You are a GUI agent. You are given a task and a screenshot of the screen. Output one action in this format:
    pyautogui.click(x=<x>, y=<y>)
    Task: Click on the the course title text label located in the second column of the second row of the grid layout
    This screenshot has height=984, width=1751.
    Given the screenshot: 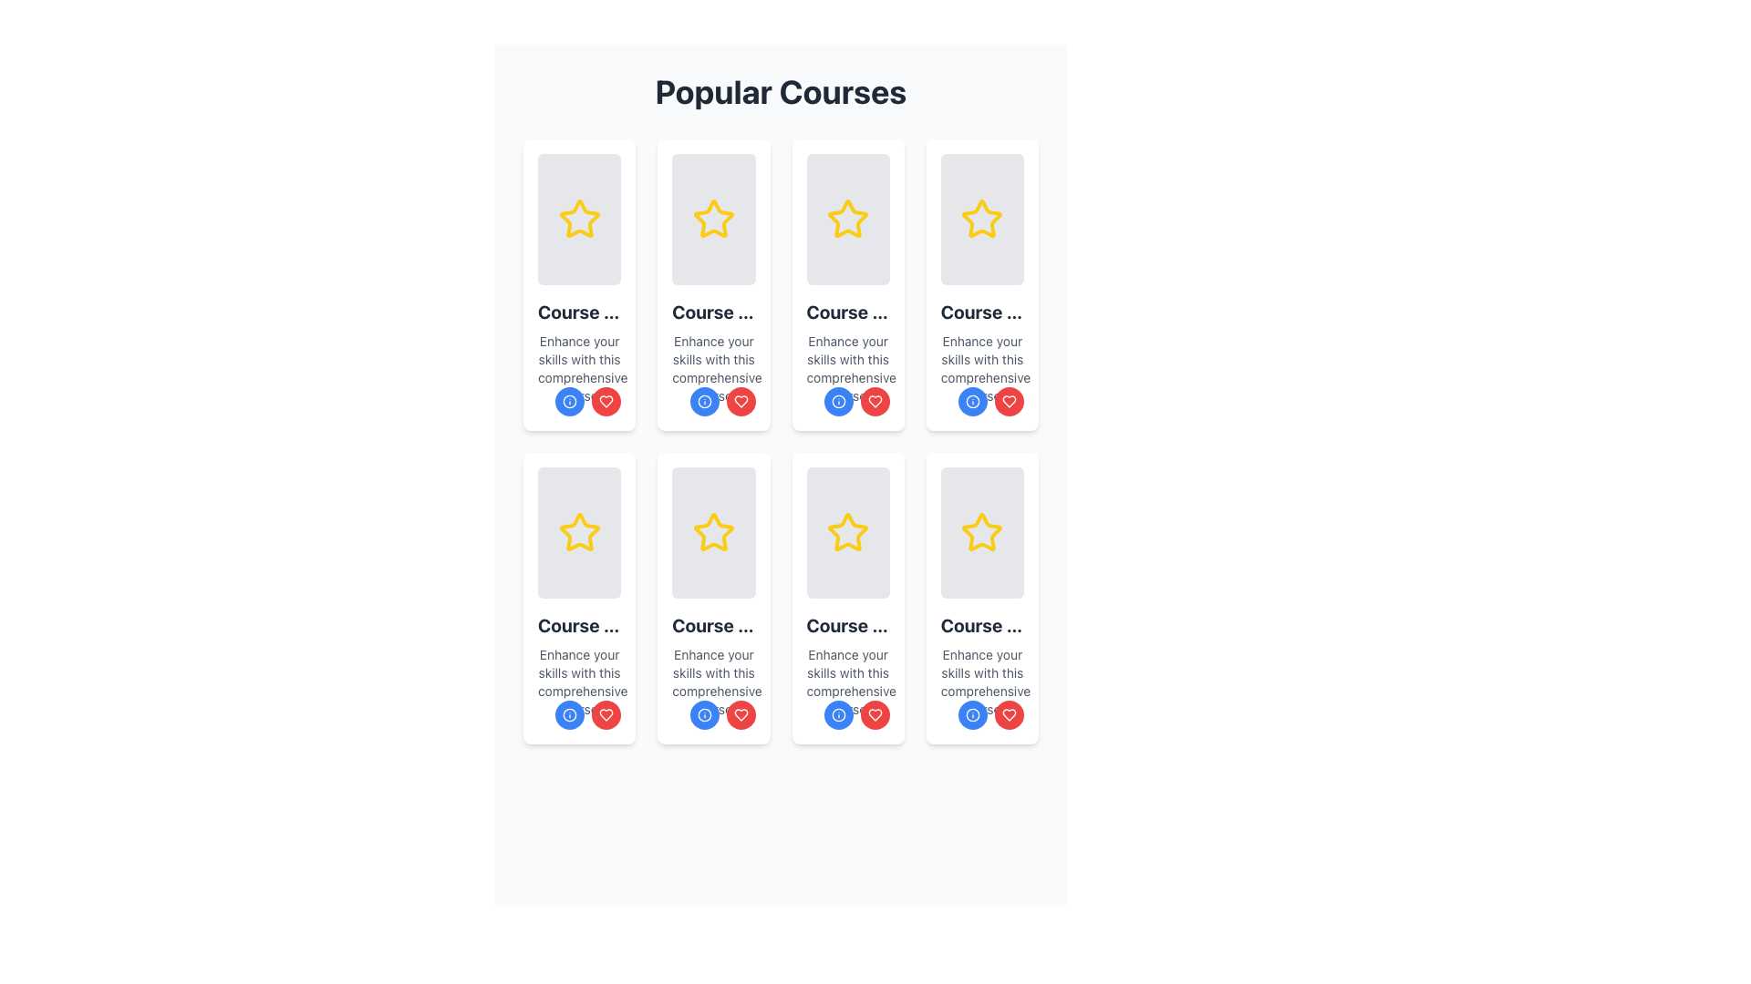 What is the action you would take?
    pyautogui.click(x=712, y=624)
    